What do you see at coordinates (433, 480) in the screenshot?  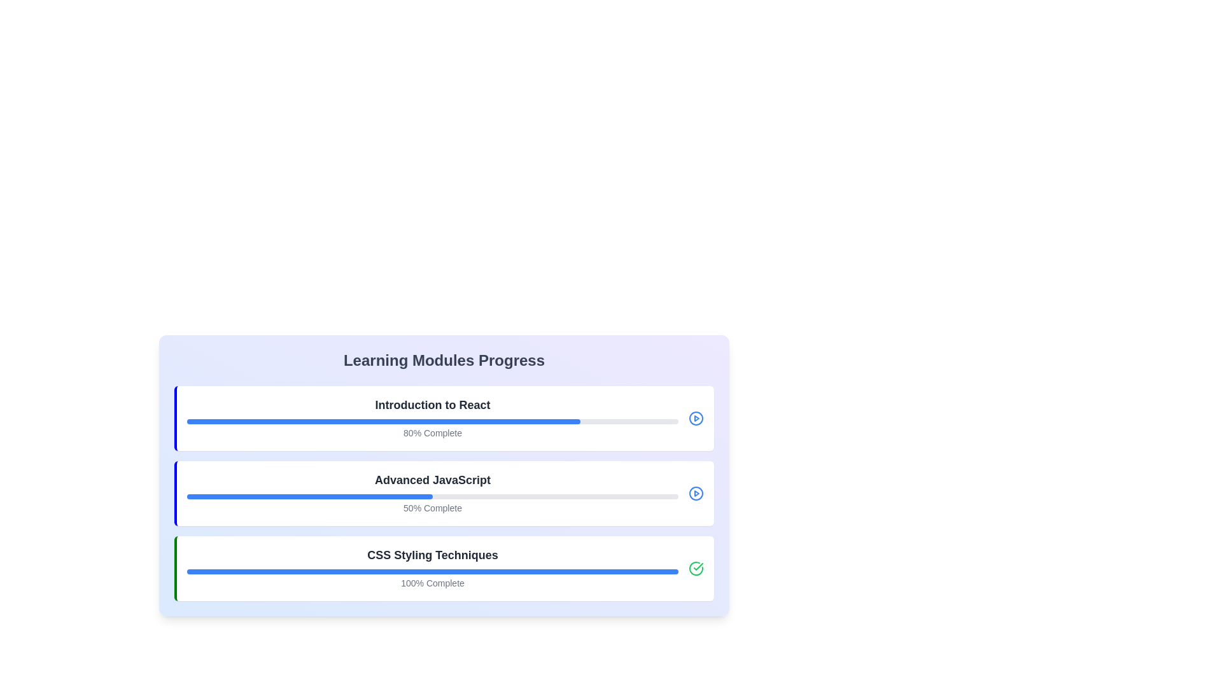 I see `the header text of the second learning module, which succinctly describes the subject of the module, located in the middle of a card-like section` at bounding box center [433, 480].